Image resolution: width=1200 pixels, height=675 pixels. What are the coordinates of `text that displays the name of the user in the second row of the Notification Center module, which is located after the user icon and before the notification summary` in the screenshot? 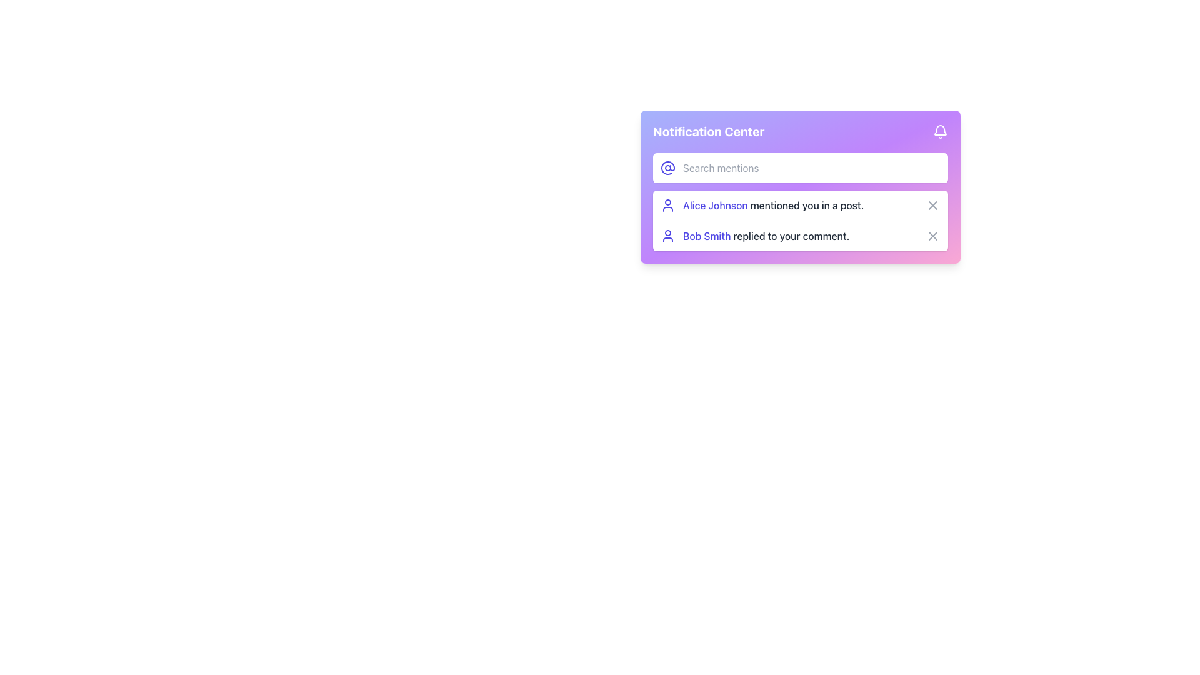 It's located at (707, 236).